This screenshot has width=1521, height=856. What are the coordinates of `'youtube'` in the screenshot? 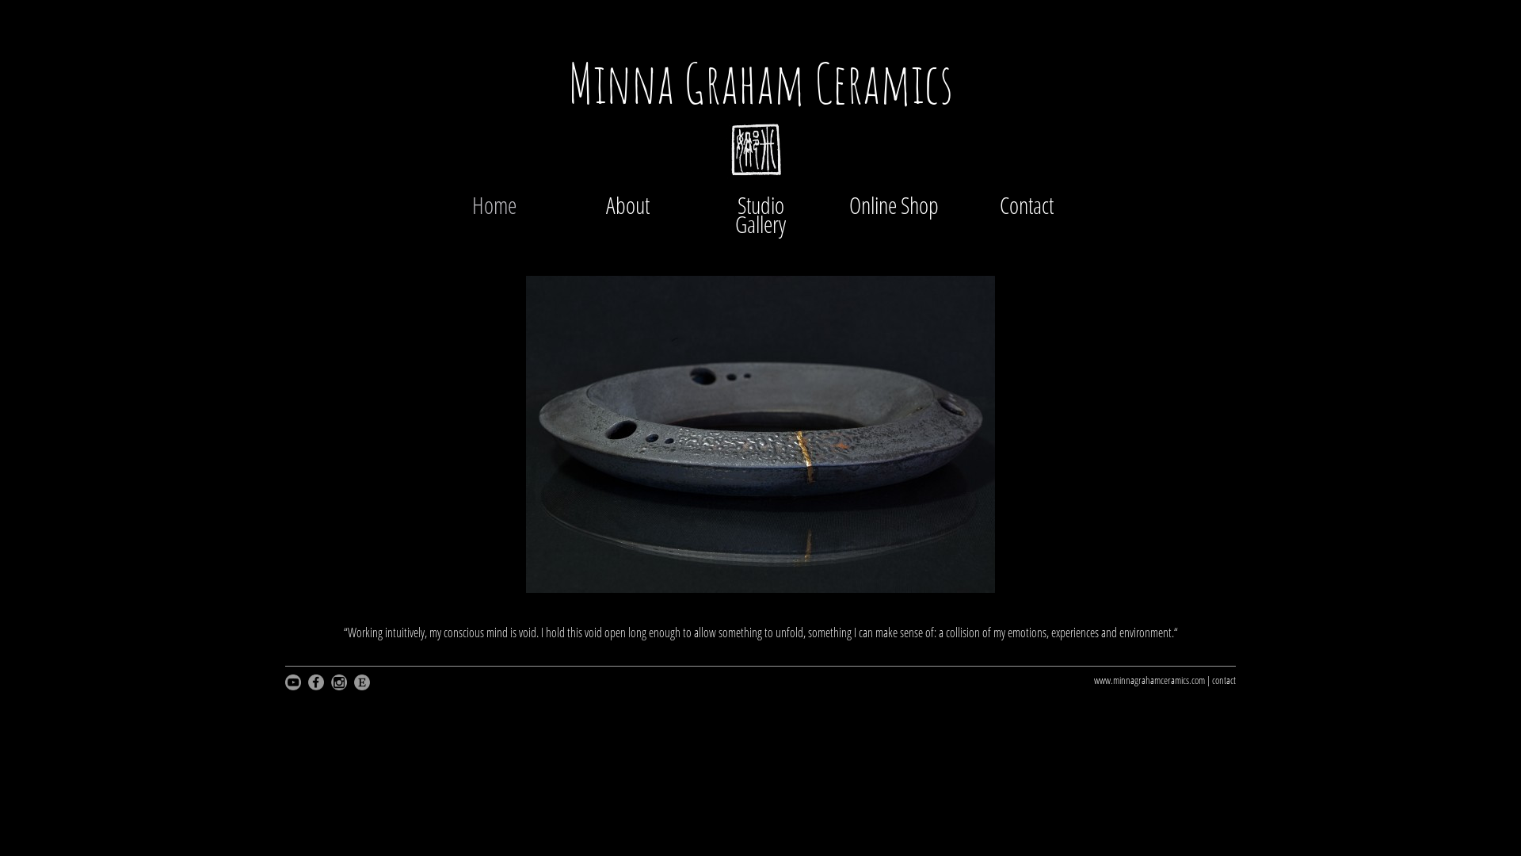 It's located at (285, 681).